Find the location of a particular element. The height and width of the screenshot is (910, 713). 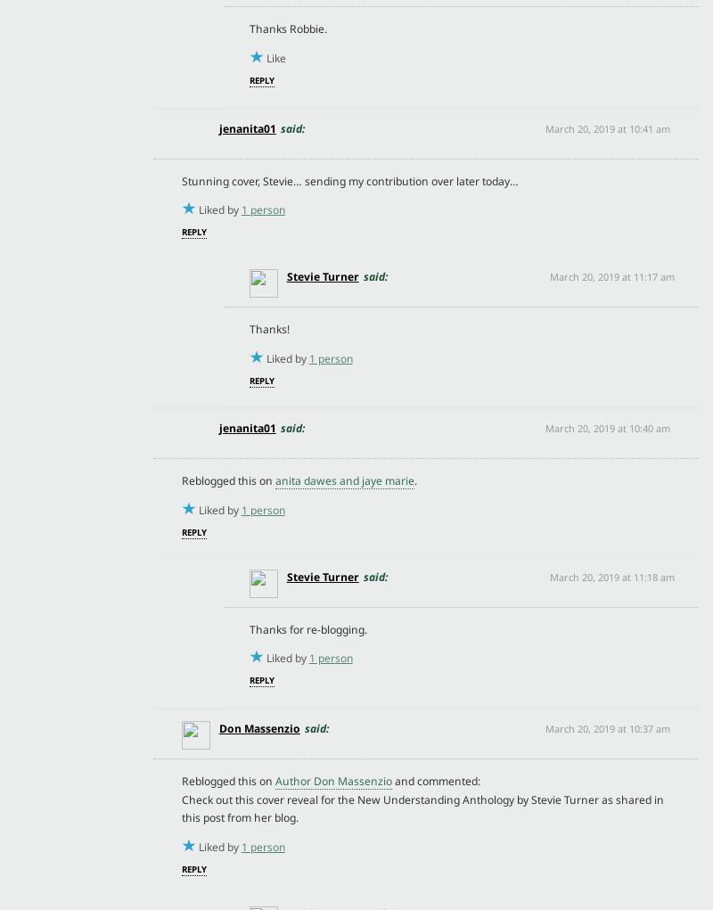

'anita dawes and jaye marie' is located at coordinates (343, 480).